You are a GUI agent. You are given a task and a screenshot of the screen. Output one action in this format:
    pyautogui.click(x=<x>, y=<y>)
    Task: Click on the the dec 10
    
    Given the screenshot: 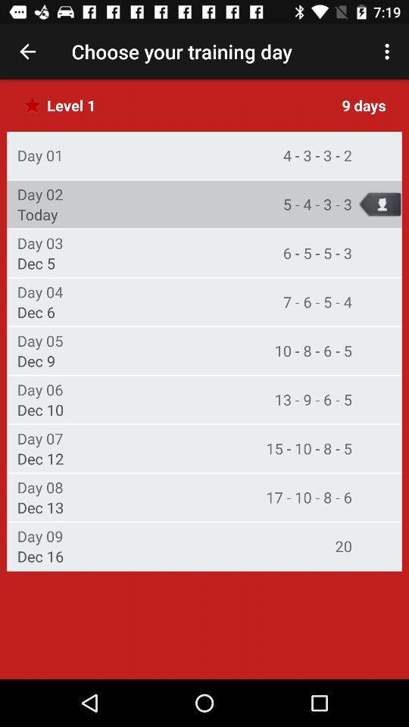 What is the action you would take?
    pyautogui.click(x=40, y=410)
    